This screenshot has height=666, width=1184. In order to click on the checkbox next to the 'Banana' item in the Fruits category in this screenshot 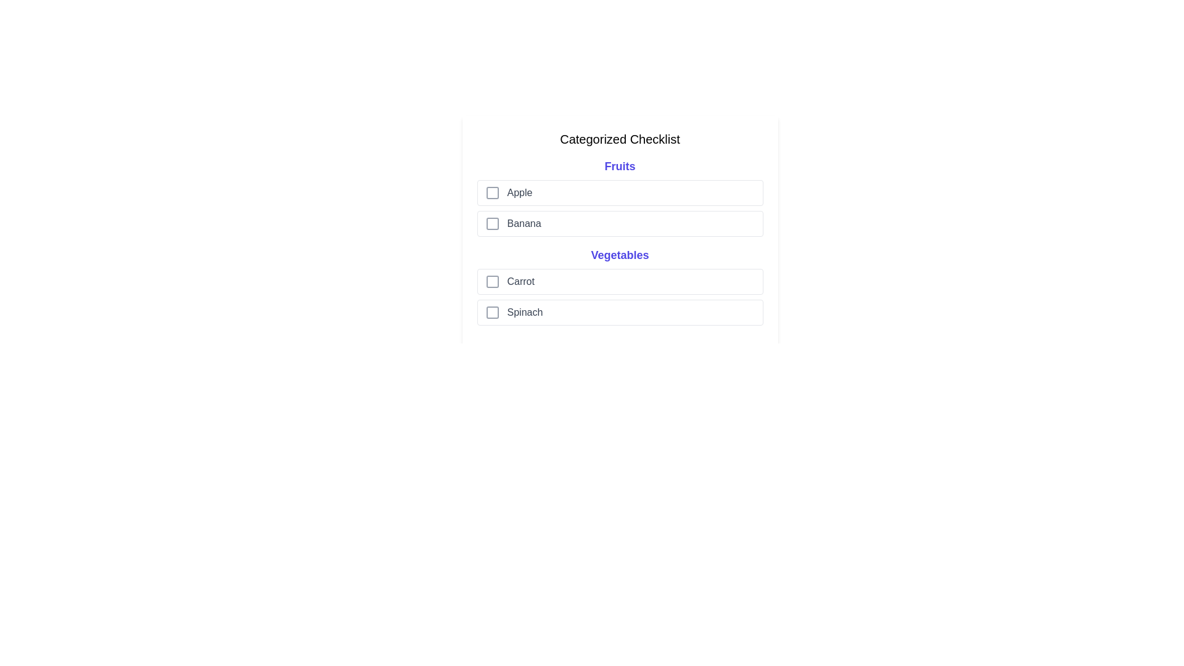, I will do `click(620, 223)`.